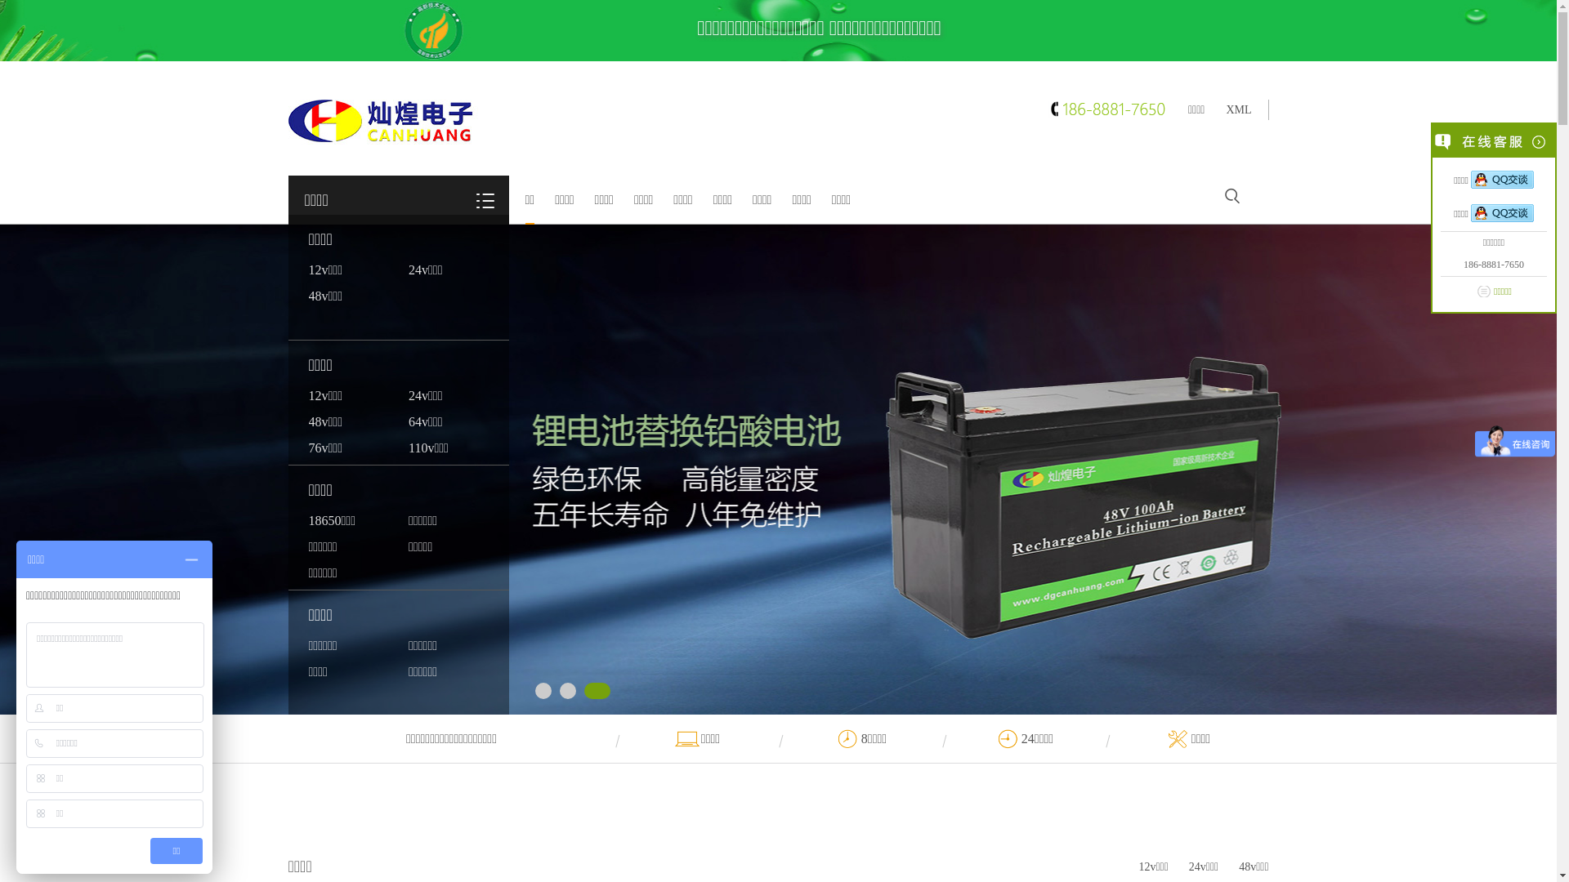  Describe the element at coordinates (1238, 109) in the screenshot. I see `'XML'` at that location.